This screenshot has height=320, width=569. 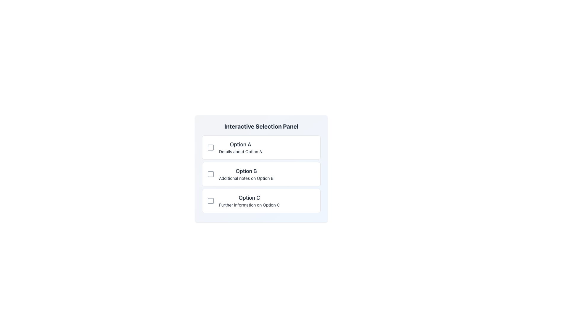 I want to click on the small graphical rectangle with rounded corners associated with 'Option C' located to the left of the text label in the last row of the vertical list of options, so click(x=210, y=201).